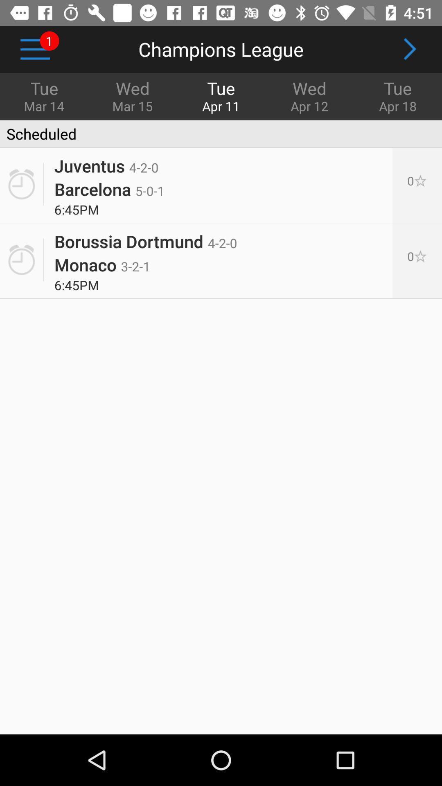 The height and width of the screenshot is (786, 442). I want to click on icon next to wed, so click(35, 49).